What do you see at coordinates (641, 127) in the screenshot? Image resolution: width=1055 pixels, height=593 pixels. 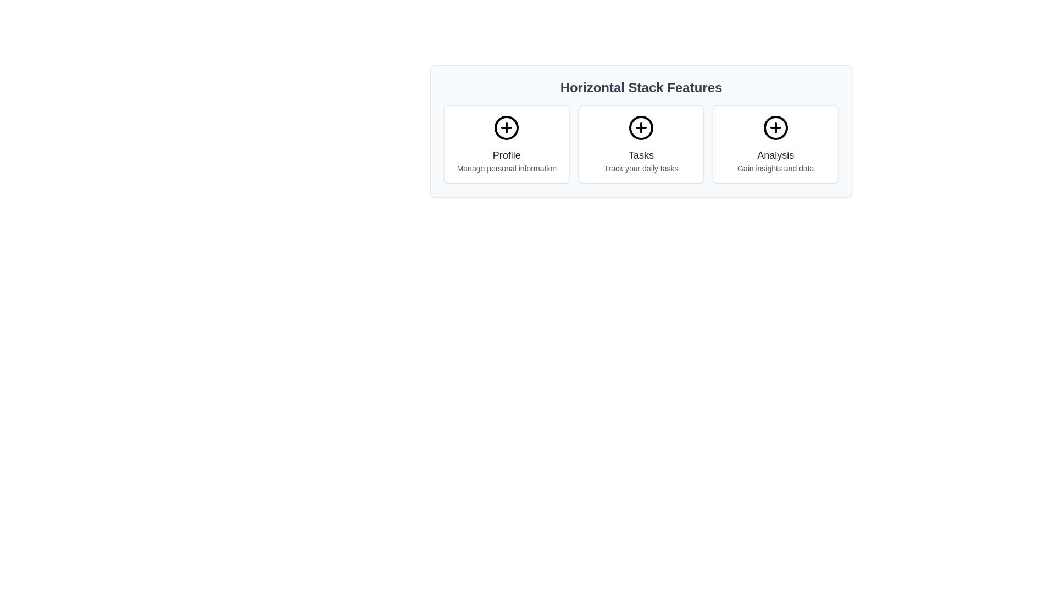 I see `the decorative circle graphic element located centrally within the 'Tasks' card in the 'Horizontal Stack Features' section` at bounding box center [641, 127].